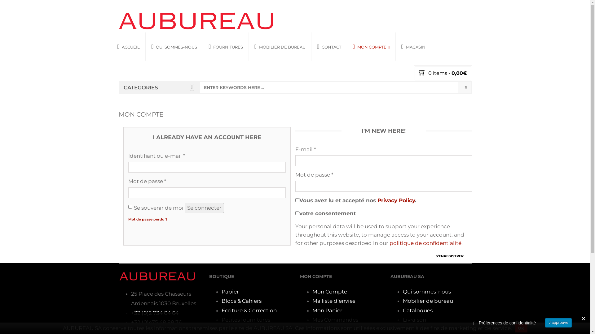 This screenshot has height=334, width=595. Describe the element at coordinates (328, 46) in the screenshot. I see `'CONTACT'` at that location.